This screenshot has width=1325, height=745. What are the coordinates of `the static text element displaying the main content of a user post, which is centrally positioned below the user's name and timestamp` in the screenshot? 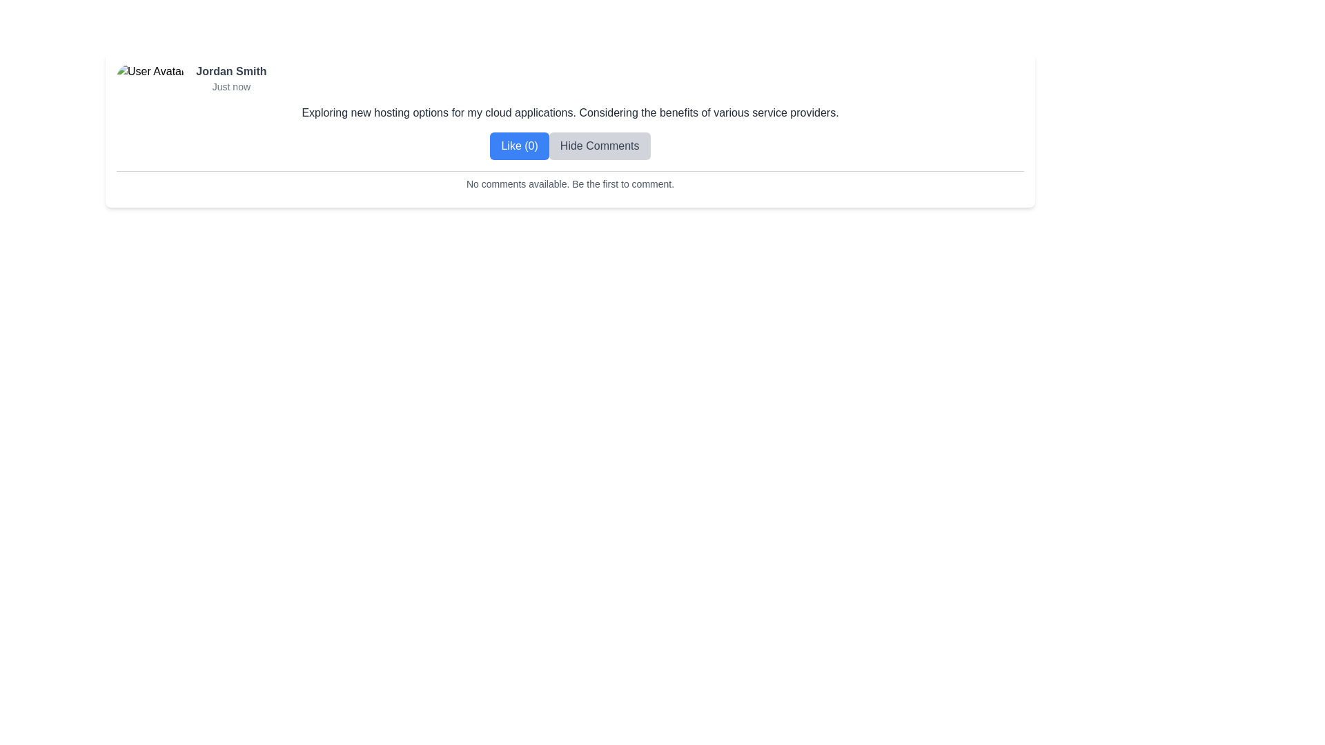 It's located at (570, 112).